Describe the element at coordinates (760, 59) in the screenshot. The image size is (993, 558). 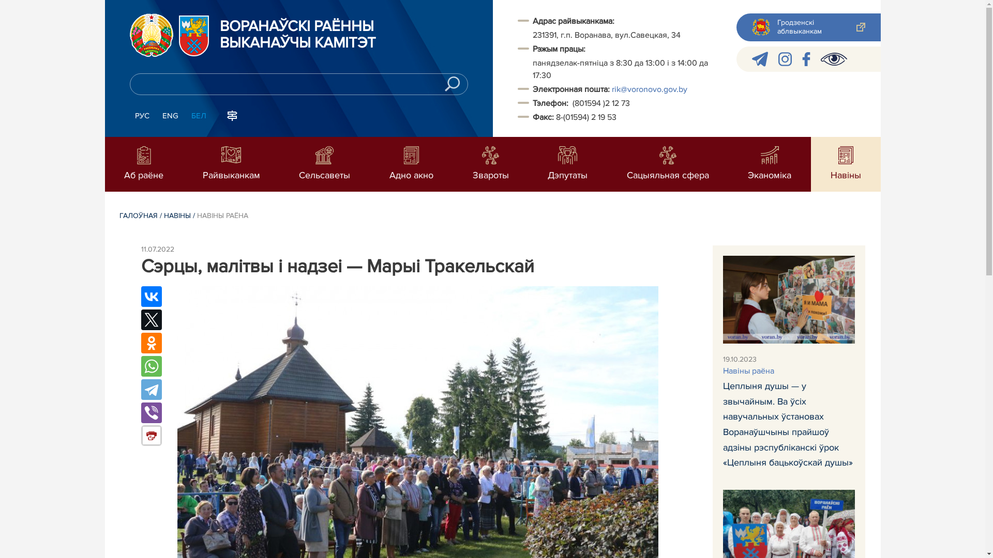
I see `'telegram'` at that location.